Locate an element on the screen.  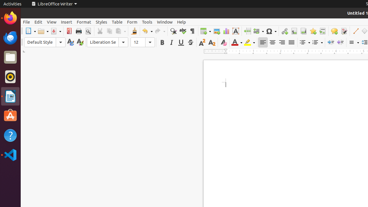
'Update' is located at coordinates (70, 42).